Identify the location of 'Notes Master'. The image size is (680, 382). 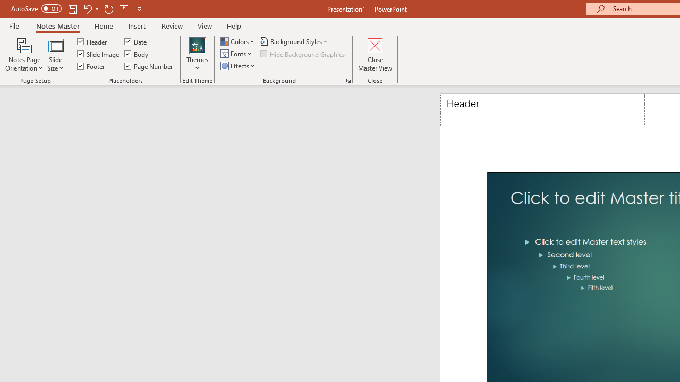
(57, 25).